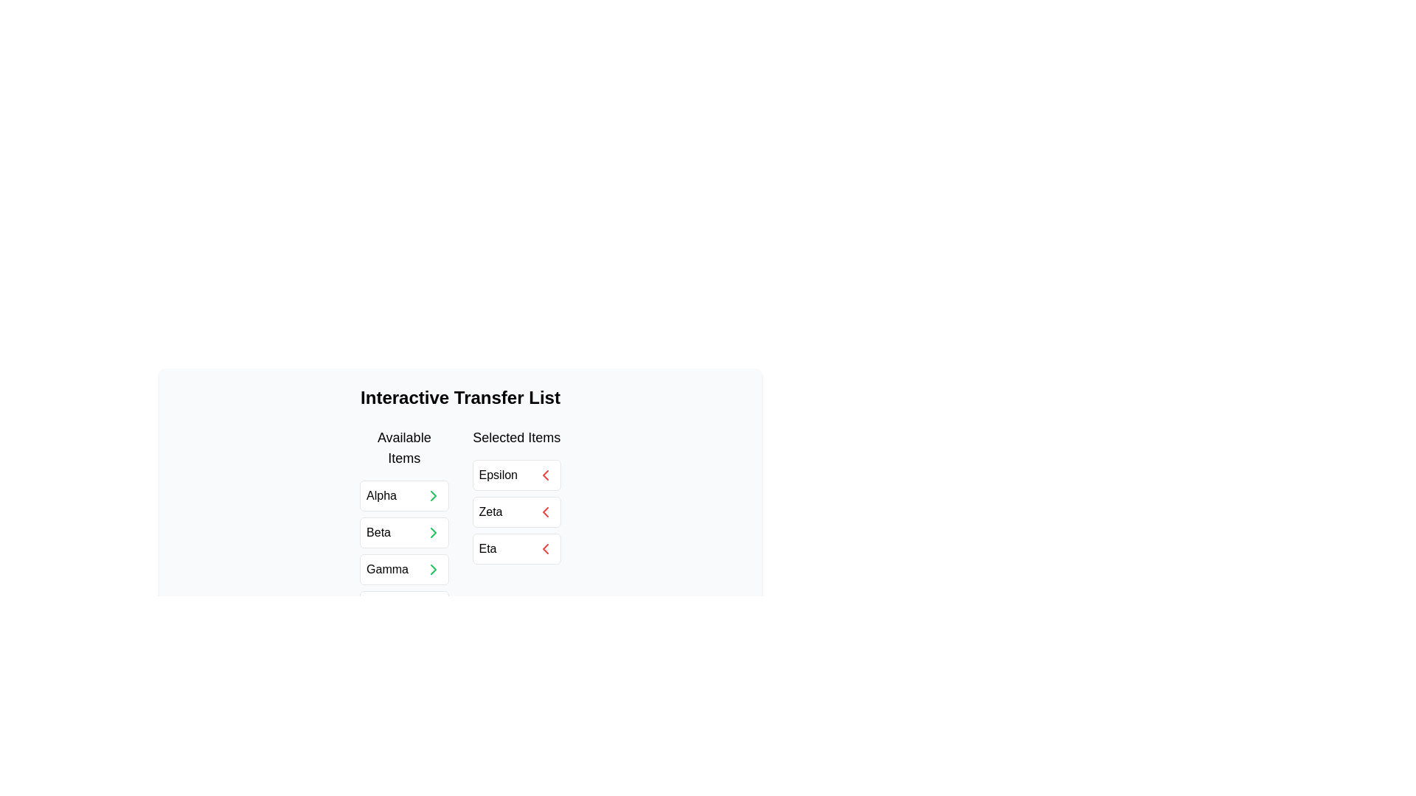  I want to click on red arrow button next to the item Zeta in the Selected Items list, so click(544, 511).